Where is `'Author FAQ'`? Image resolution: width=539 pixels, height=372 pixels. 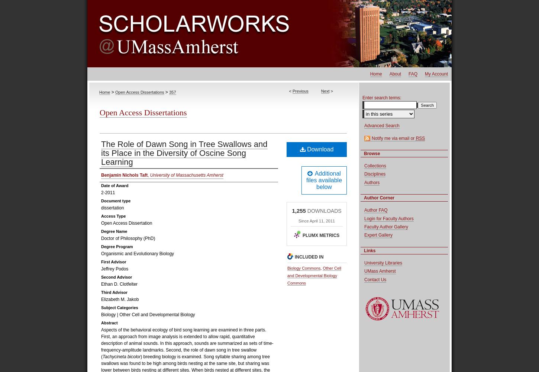
'Author FAQ' is located at coordinates (375, 210).